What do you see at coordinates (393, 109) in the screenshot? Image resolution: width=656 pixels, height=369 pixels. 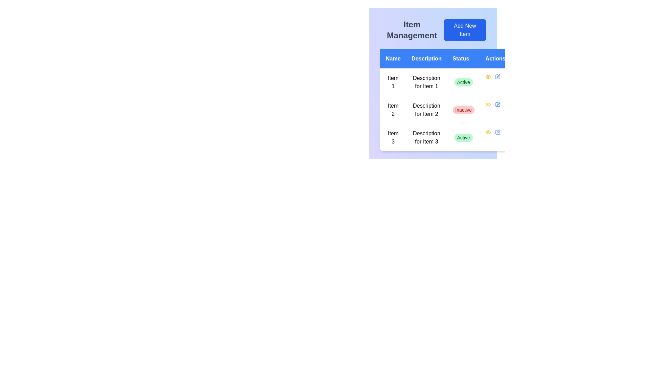 I see `the textual content representing the name of the second item in the table, located in the second row under the 'Name' column` at bounding box center [393, 109].